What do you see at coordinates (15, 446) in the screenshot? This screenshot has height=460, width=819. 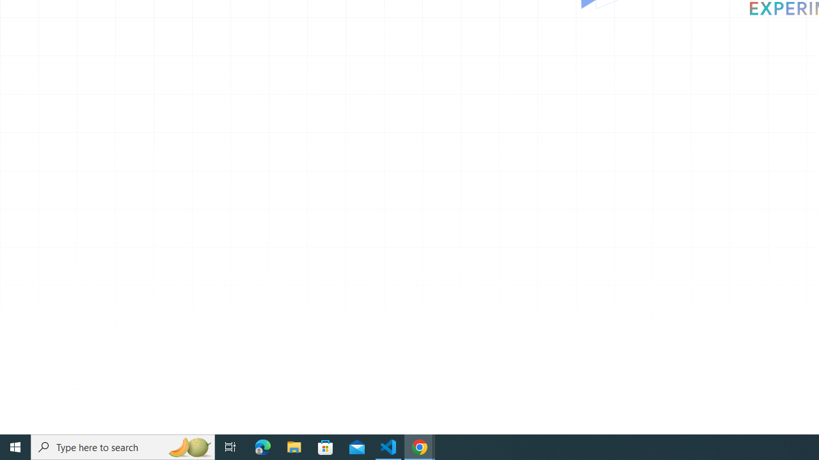 I see `'Start'` at bounding box center [15, 446].